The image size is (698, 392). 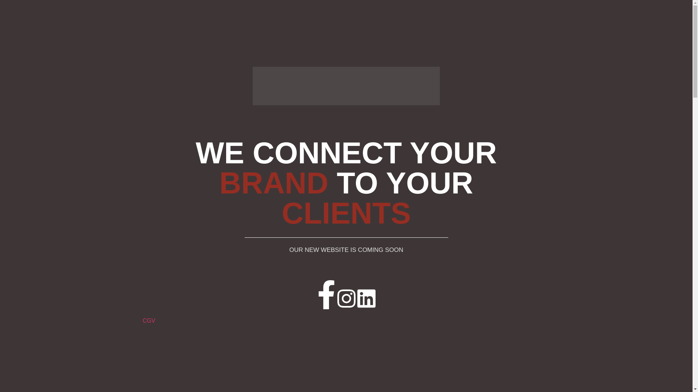 What do you see at coordinates (148, 320) in the screenshot?
I see `'CGV'` at bounding box center [148, 320].